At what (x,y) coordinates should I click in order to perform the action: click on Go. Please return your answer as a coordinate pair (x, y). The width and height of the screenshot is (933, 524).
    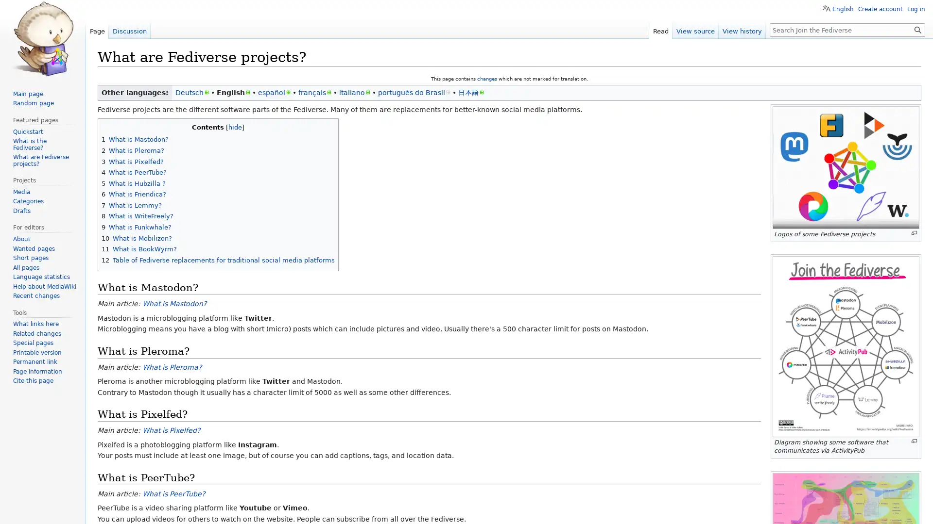
    Looking at the image, I should click on (917, 29).